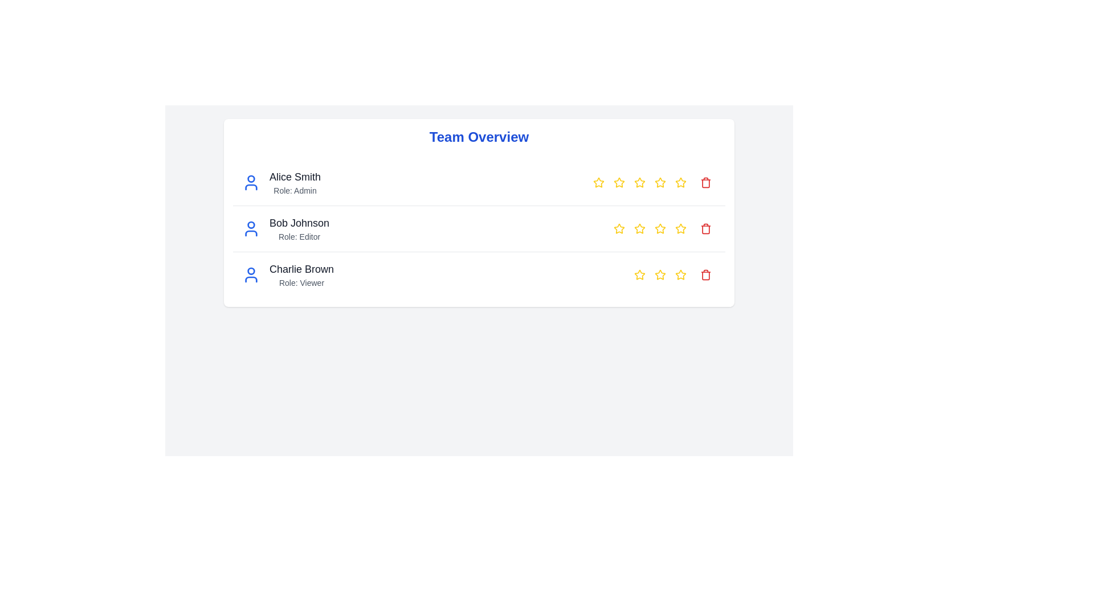 This screenshot has width=1094, height=615. I want to click on the fourth star-shaped rating icon with a yellow border and white filling associated with the user 'Charlie Brown' to rate it, so click(640, 274).